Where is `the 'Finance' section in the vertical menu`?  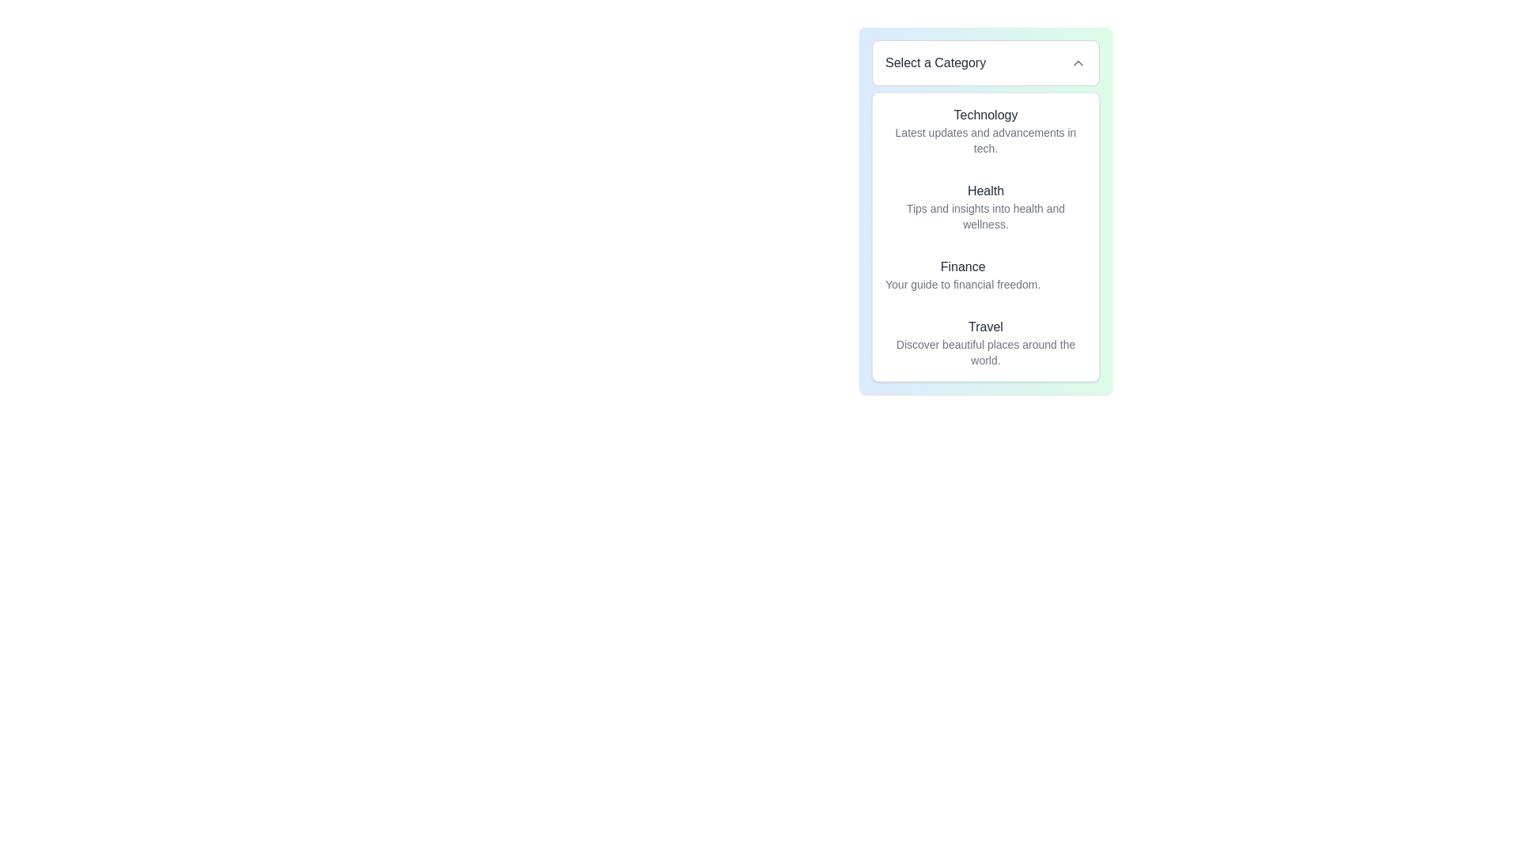
the 'Finance' section in the vertical menu is located at coordinates (985, 274).